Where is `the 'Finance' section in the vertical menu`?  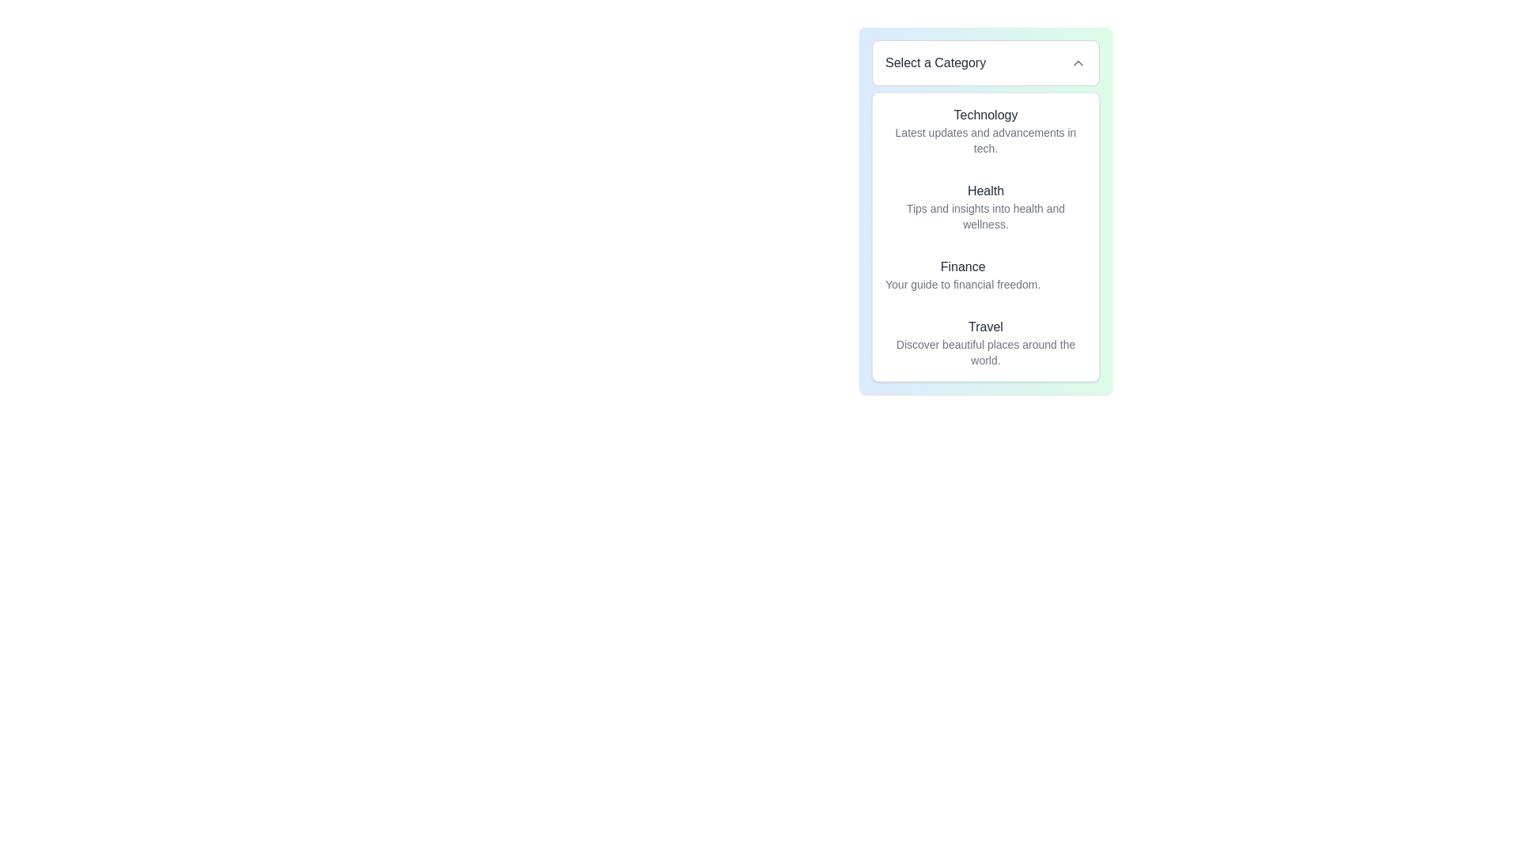
the 'Finance' section in the vertical menu is located at coordinates (985, 274).